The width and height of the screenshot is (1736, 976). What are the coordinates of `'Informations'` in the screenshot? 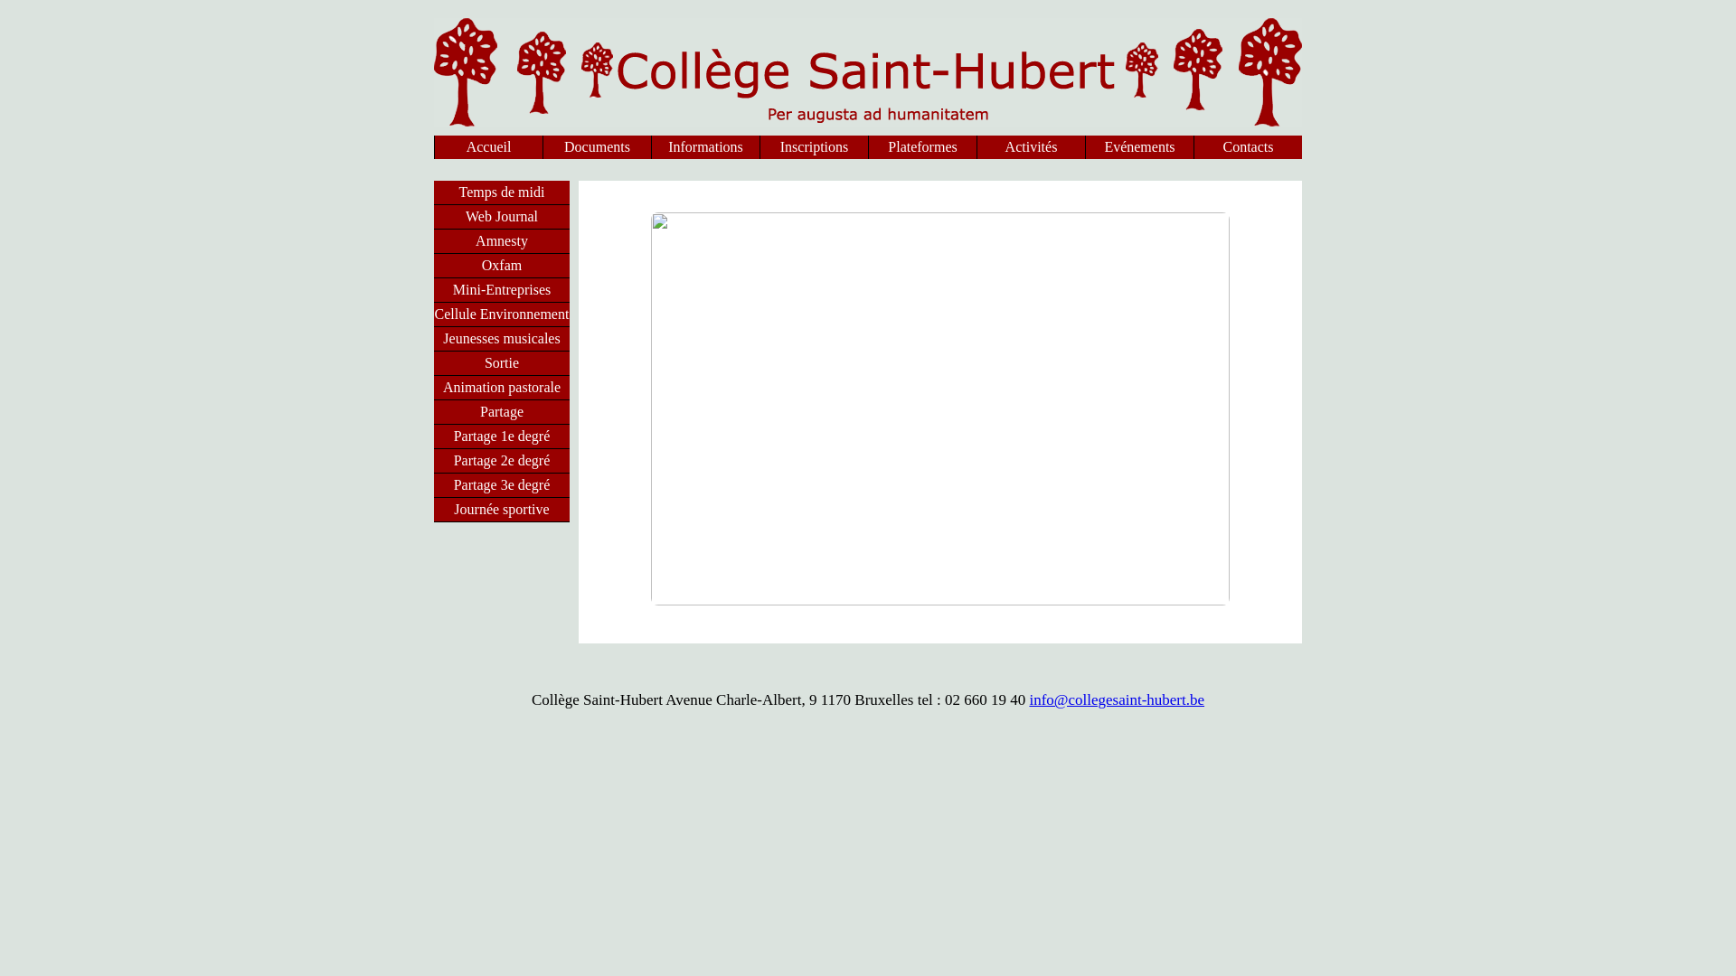 It's located at (704, 145).